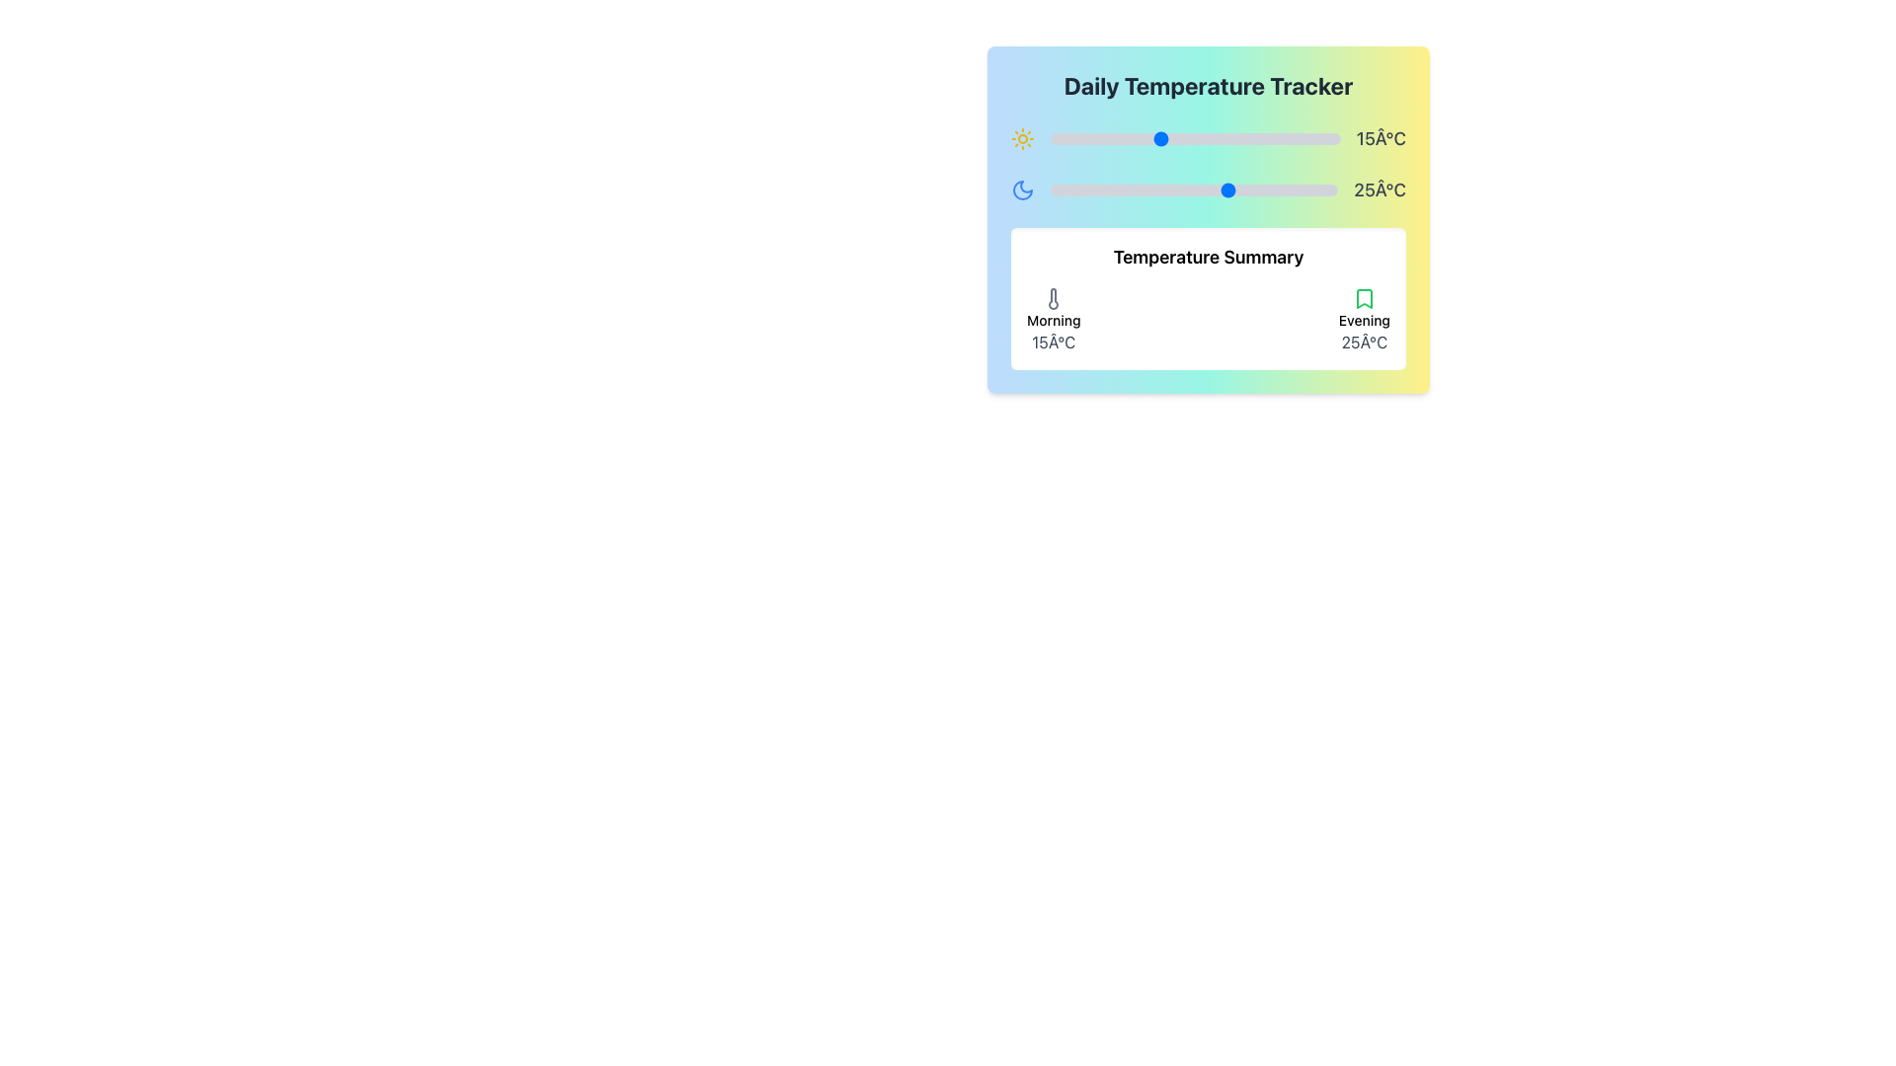 The height and width of the screenshot is (1066, 1896). Describe the element at coordinates (1129, 190) in the screenshot. I see `the slider value` at that location.